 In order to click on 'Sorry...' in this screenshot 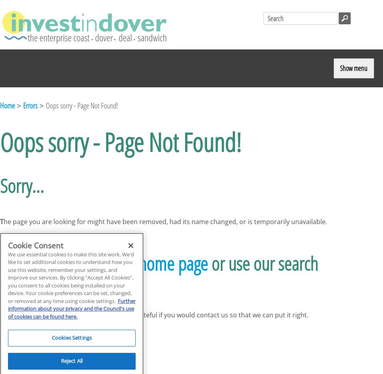, I will do `click(22, 185)`.